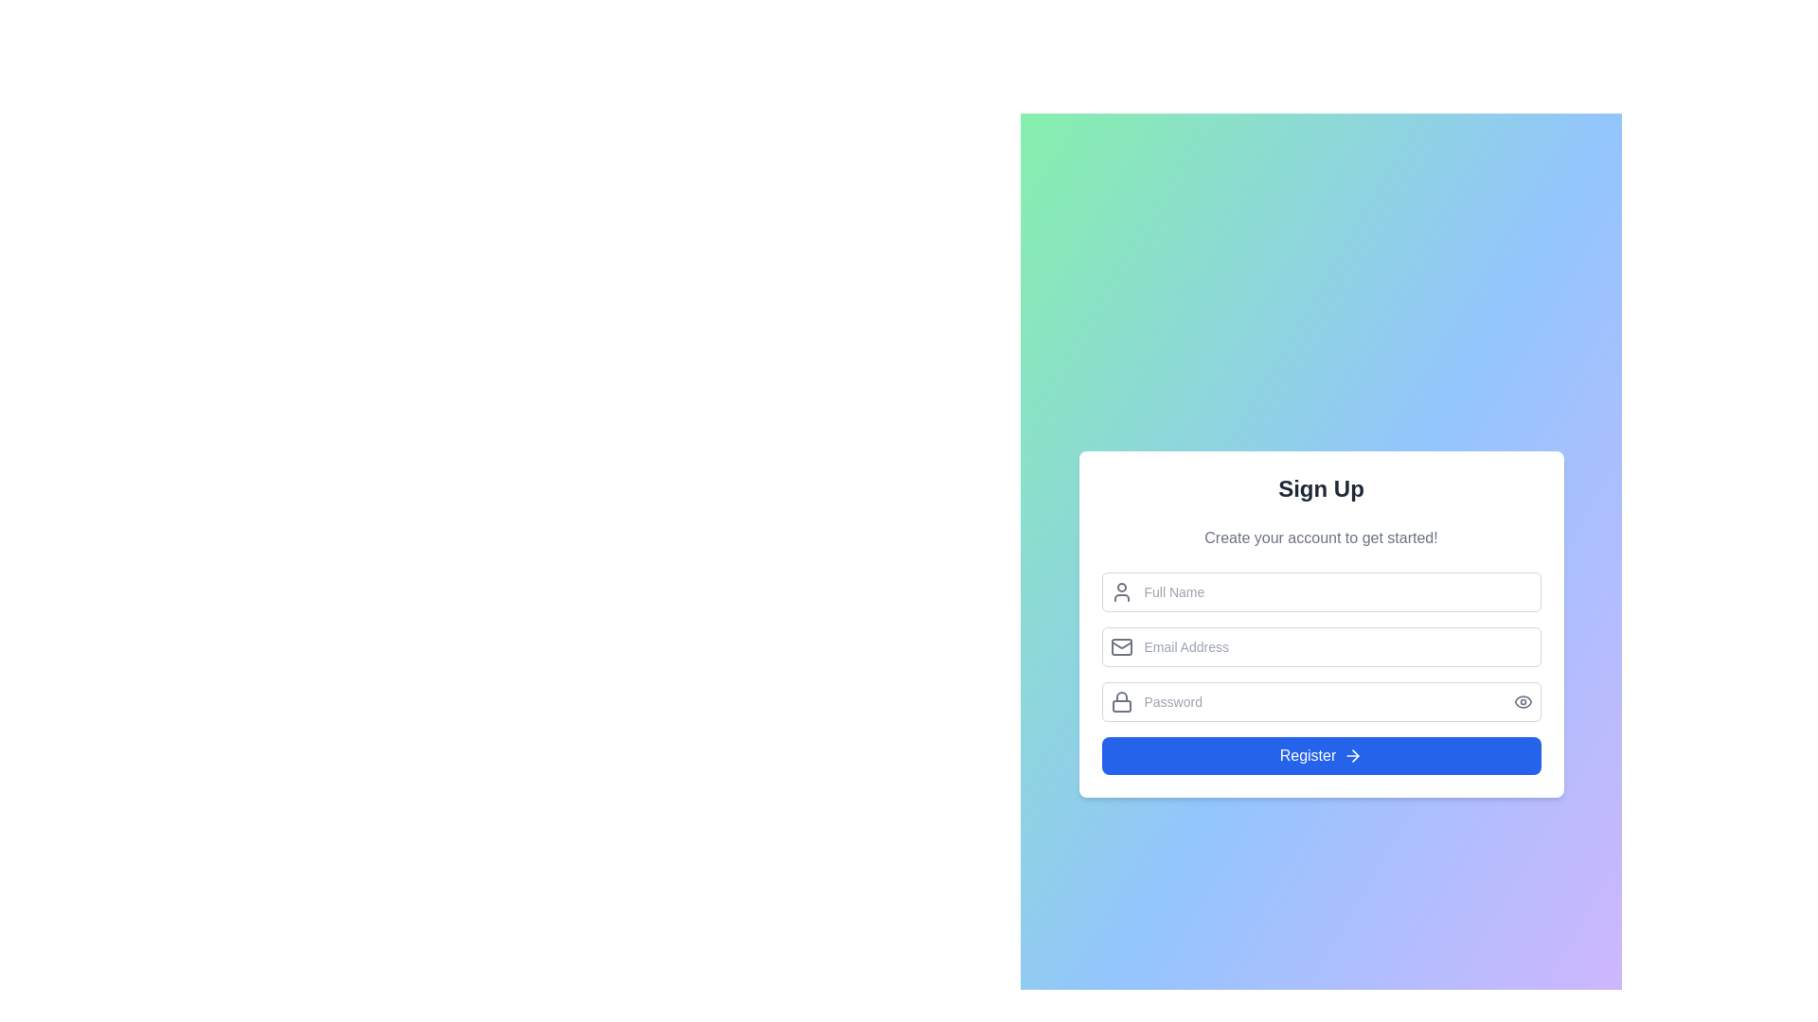 This screenshot has width=1818, height=1022. I want to click on the email input field, so click(1121, 645).